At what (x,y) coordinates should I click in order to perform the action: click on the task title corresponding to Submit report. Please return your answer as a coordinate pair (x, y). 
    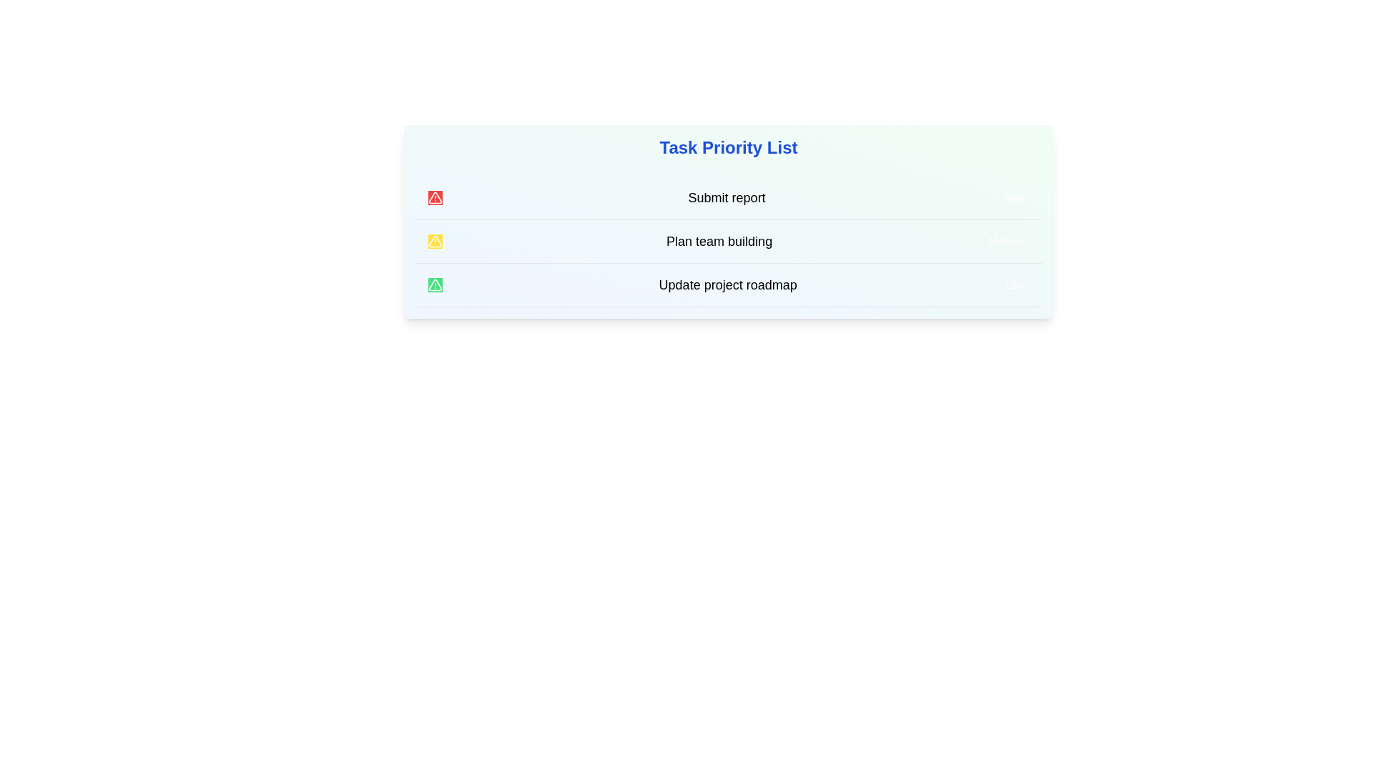
    Looking at the image, I should click on (727, 198).